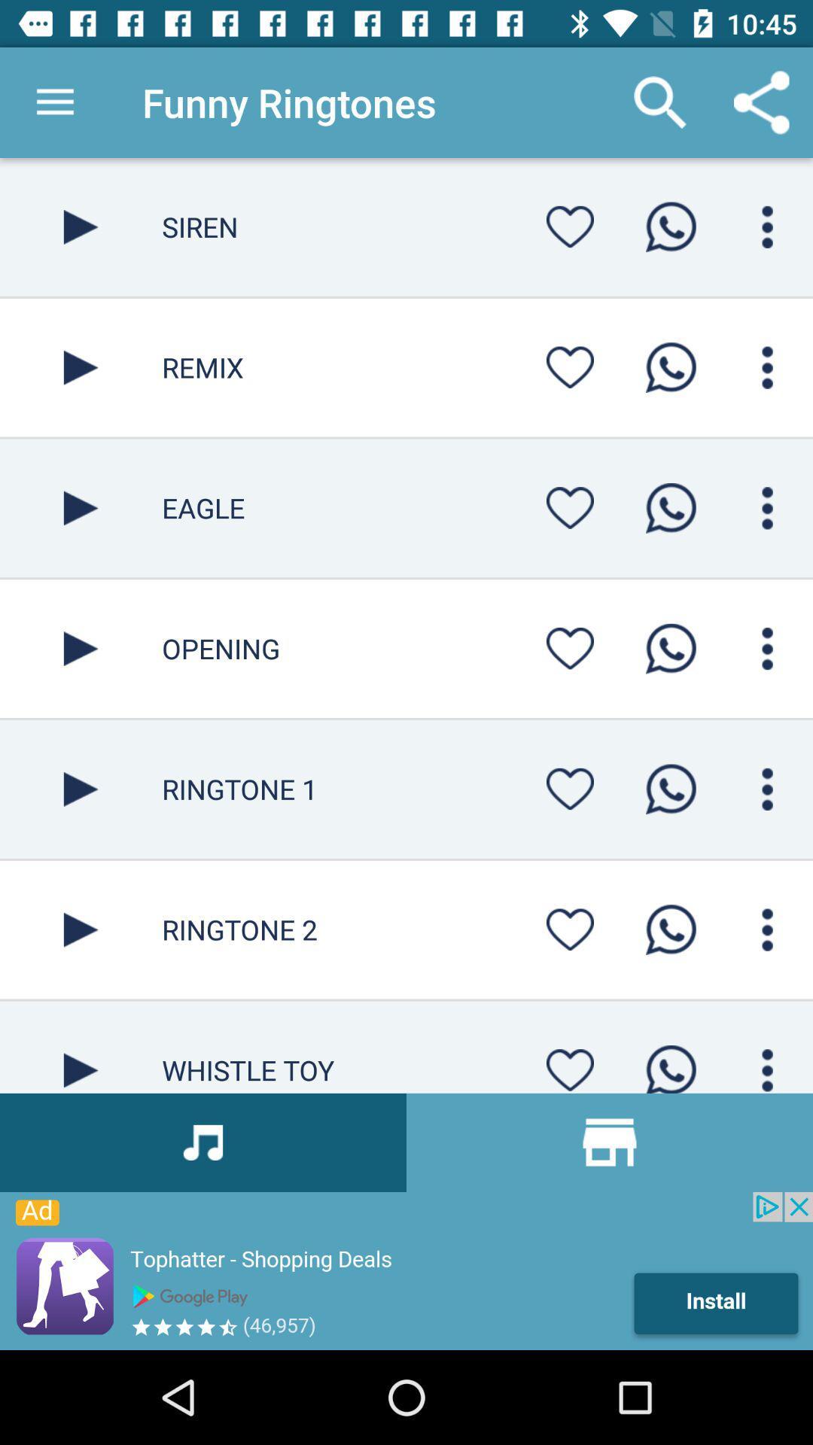 This screenshot has width=813, height=1445. Describe the element at coordinates (670, 649) in the screenshot. I see `whatapp call page` at that location.